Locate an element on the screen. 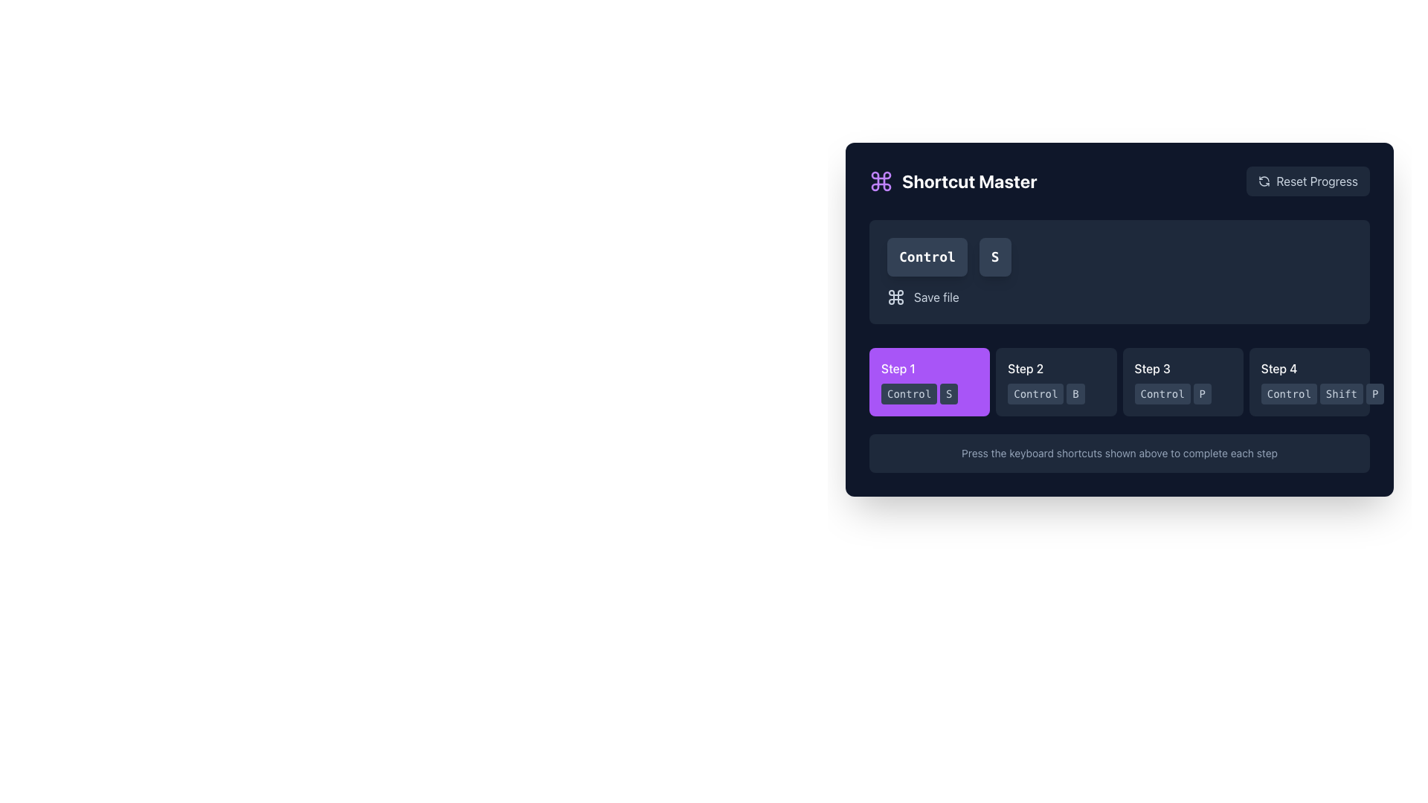 This screenshot has width=1428, height=803. text on the 'P' button, which is the third button in a group of keyboard shortcut buttons for step 4, located at the bottom right corner of the step indicator is located at coordinates (1374, 393).